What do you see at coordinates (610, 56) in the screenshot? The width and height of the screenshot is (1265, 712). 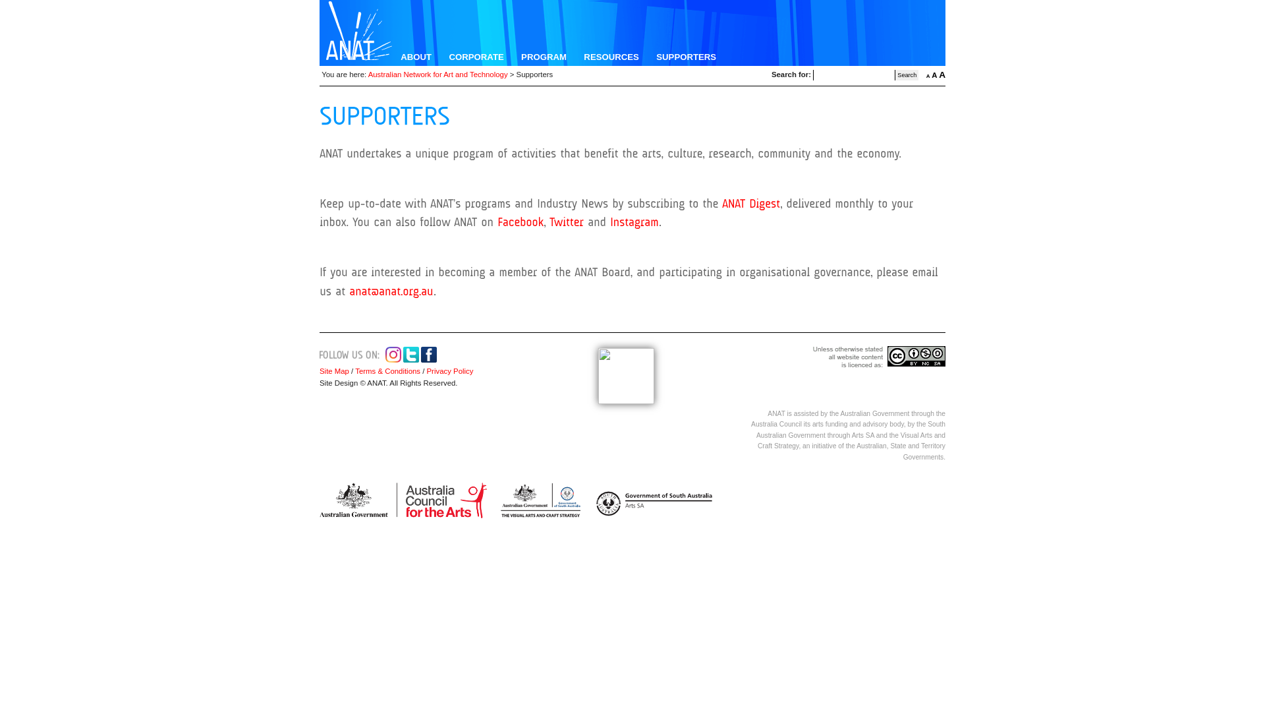 I see `'RESOURCES'` at bounding box center [610, 56].